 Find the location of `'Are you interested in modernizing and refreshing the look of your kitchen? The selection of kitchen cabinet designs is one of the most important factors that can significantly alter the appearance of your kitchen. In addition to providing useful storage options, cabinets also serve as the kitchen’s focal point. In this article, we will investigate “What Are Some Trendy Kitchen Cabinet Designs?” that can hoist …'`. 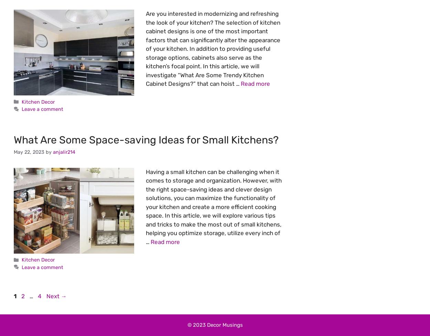

'Are you interested in modernizing and refreshing the look of your kitchen? The selection of kitchen cabinet designs is one of the most important factors that can significantly alter the appearance of your kitchen. In addition to providing useful storage options, cabinets also serve as the kitchen’s focal point. In this article, we will investigate “What Are Some Trendy Kitchen Cabinet Designs?” that can hoist …' is located at coordinates (213, 48).